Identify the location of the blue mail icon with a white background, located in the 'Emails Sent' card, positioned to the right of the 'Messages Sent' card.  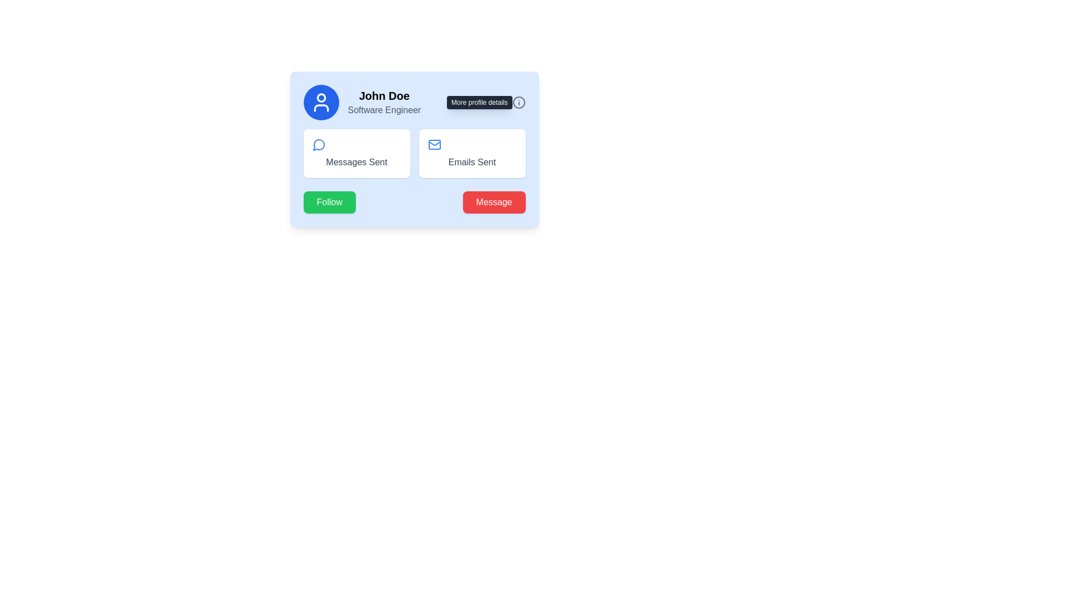
(434, 144).